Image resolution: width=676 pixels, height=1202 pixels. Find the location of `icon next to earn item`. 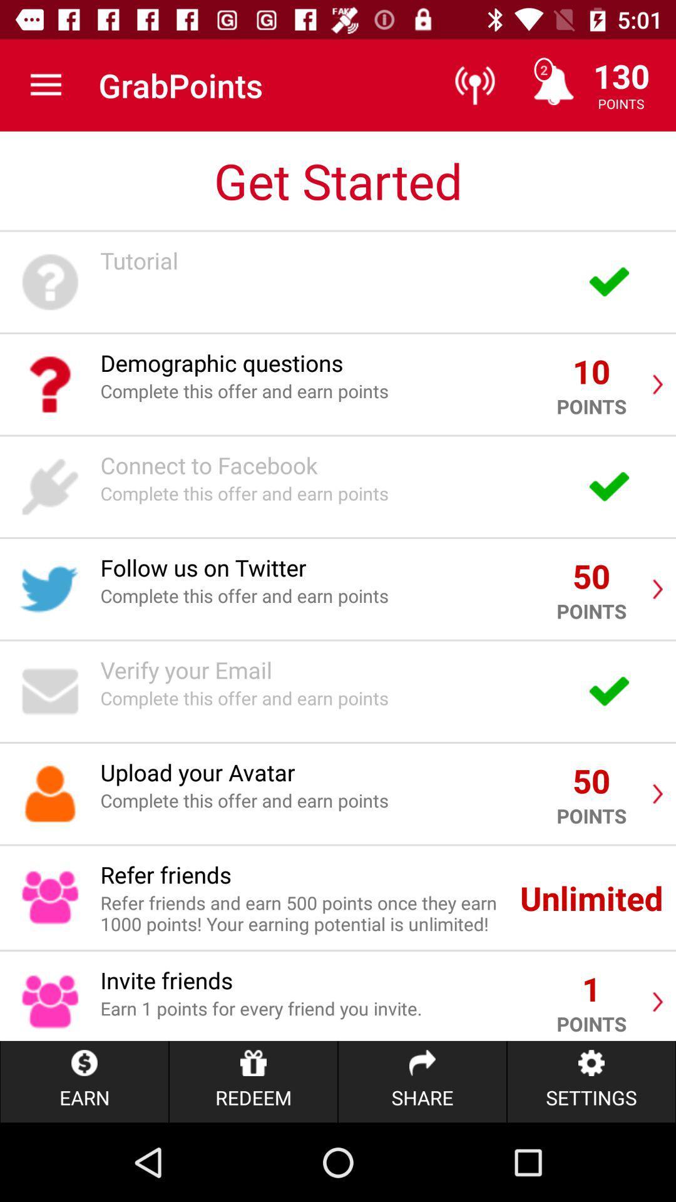

icon next to earn item is located at coordinates (253, 1081).